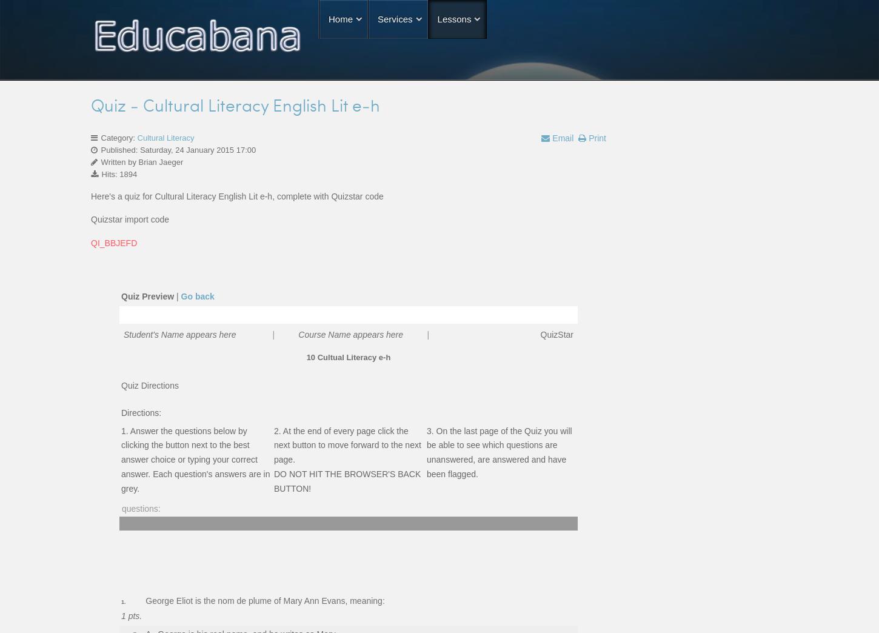  Describe the element at coordinates (195, 459) in the screenshot. I see `'1. Answer the questions below by clicking the button next to the best answer choice or typing your correct answer. Each question's answers are in grey.'` at that location.